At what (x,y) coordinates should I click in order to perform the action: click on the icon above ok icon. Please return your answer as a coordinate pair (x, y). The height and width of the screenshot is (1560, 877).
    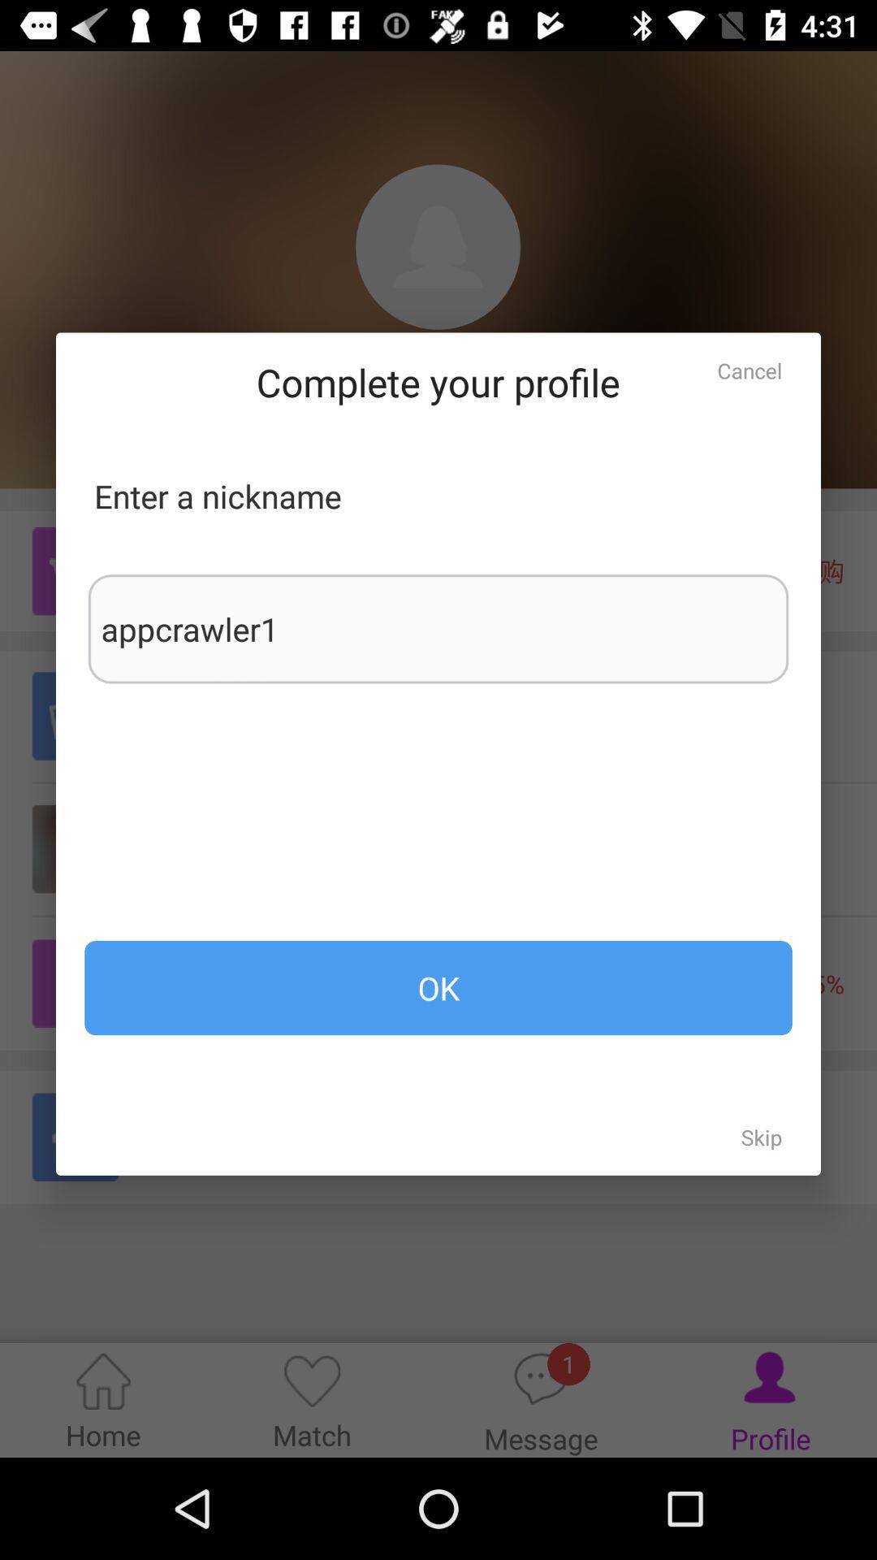
    Looking at the image, I should click on (438, 628).